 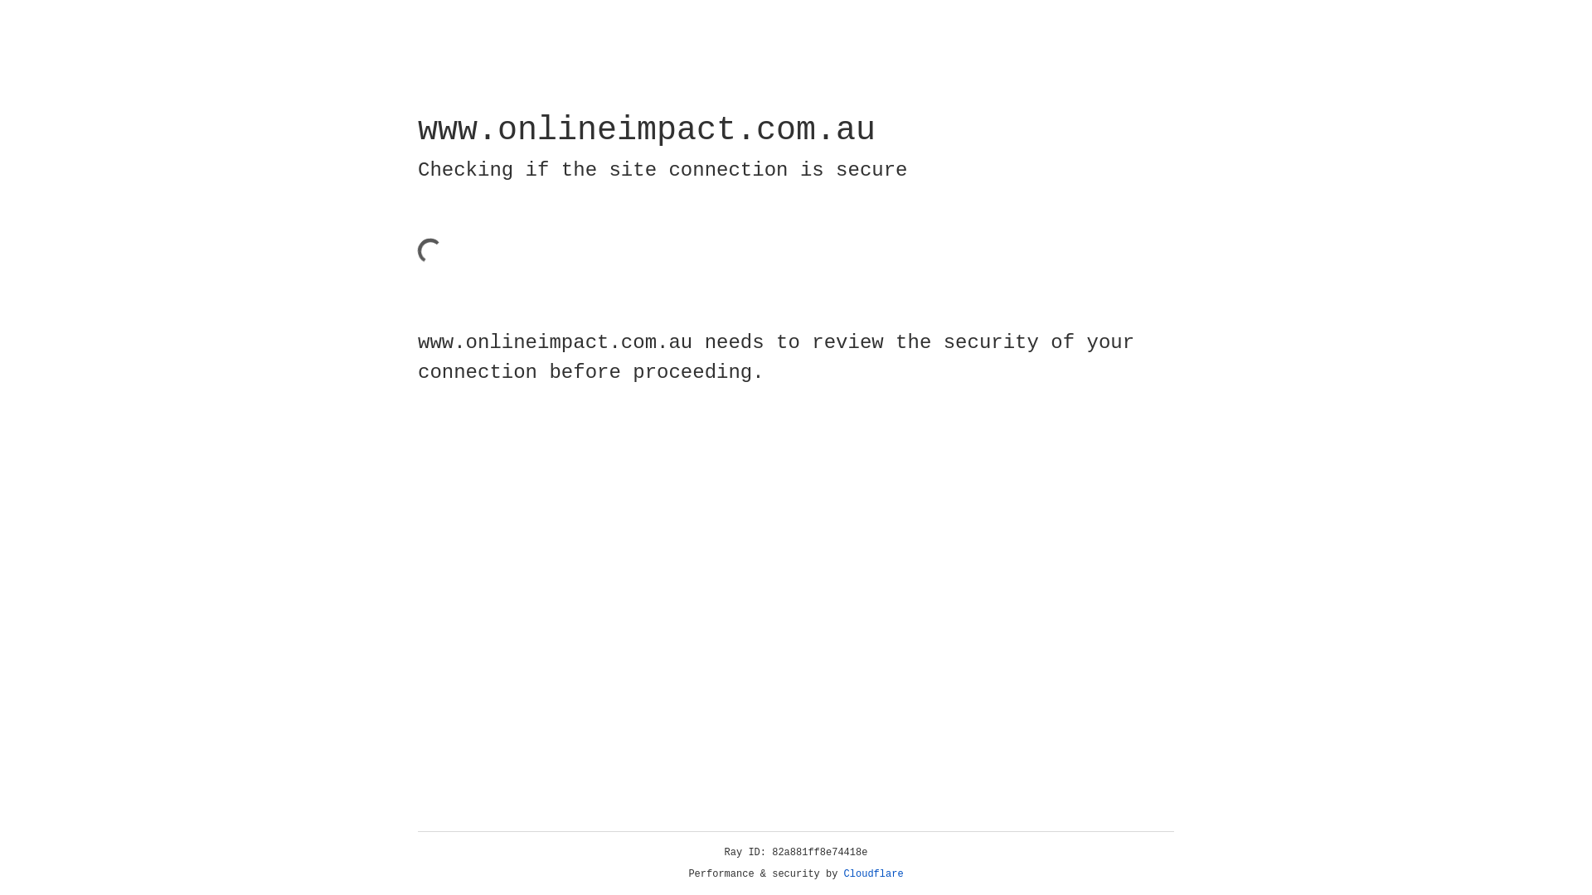 I want to click on 'Cloudflare', so click(x=843, y=873).